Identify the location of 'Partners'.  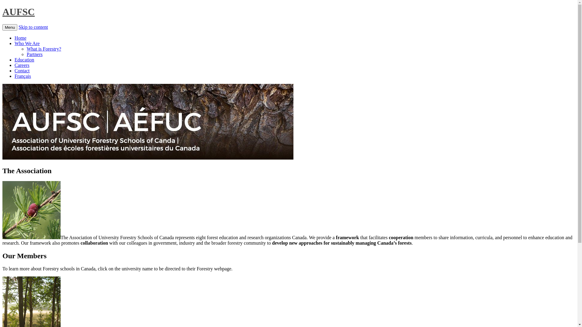
(34, 54).